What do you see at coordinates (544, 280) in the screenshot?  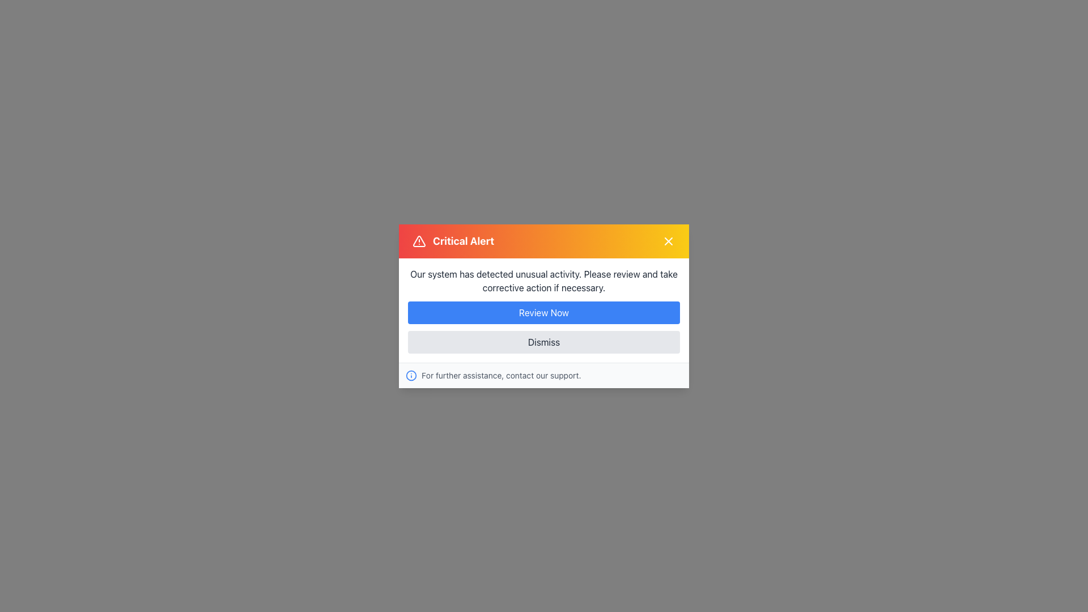 I see `the warning message text block that displays unusual activity alerts, located below the 'Critical Alert' heading and above the 'Review Now' and 'Dismiss' buttons` at bounding box center [544, 280].